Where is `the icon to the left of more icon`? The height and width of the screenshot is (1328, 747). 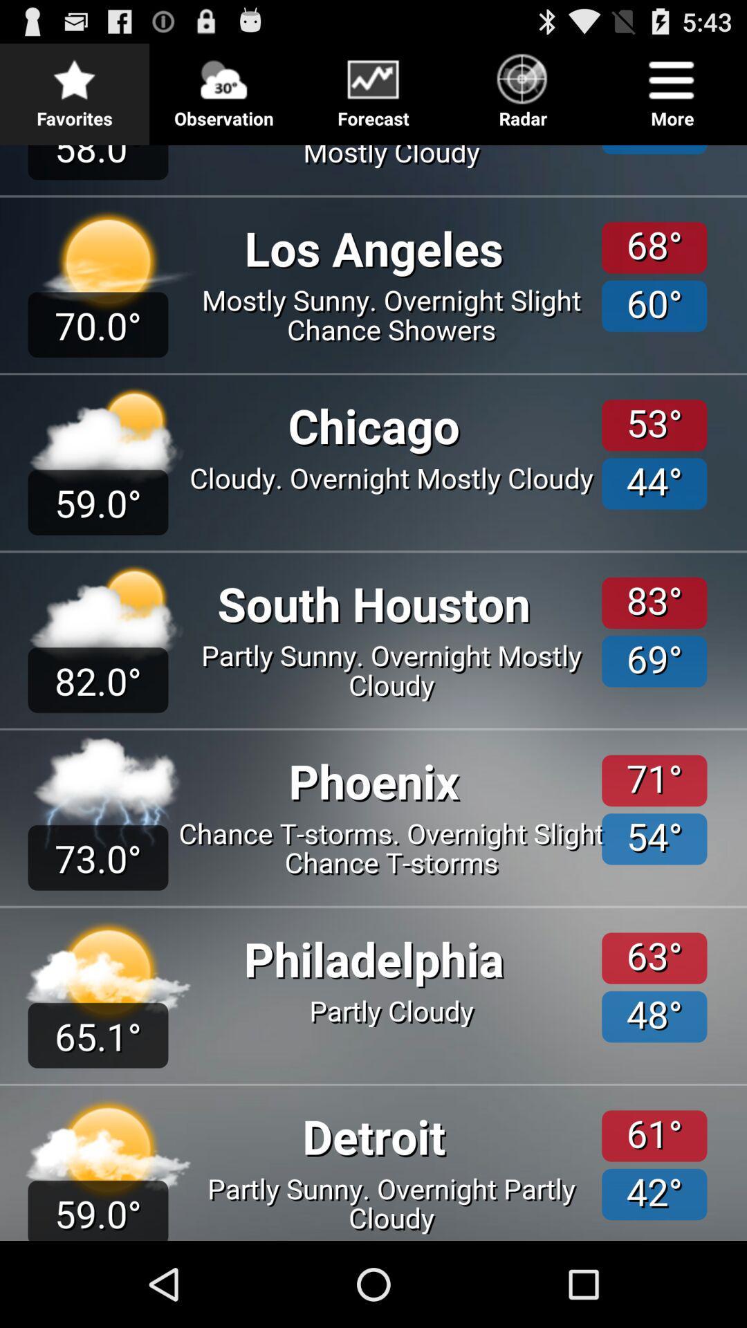
the icon to the left of more icon is located at coordinates (523, 86).